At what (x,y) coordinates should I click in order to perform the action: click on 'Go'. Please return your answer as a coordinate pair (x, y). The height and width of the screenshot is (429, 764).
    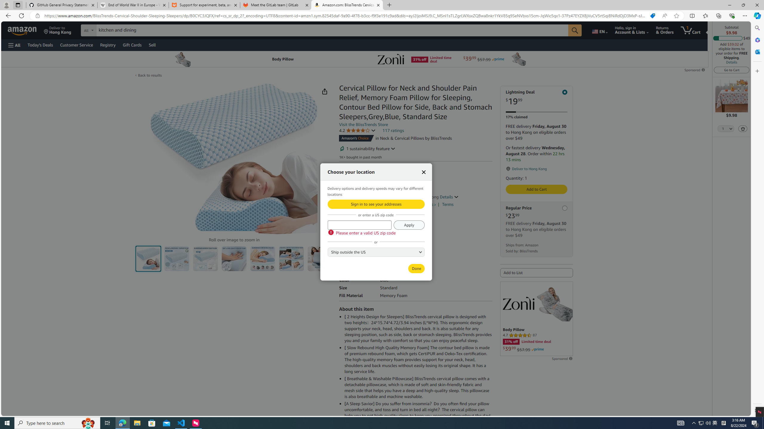
    Looking at the image, I should click on (575, 30).